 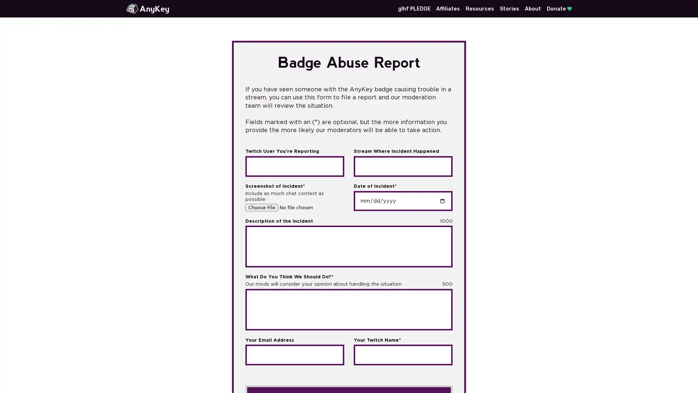 What do you see at coordinates (262, 207) in the screenshot?
I see `Choose File` at bounding box center [262, 207].